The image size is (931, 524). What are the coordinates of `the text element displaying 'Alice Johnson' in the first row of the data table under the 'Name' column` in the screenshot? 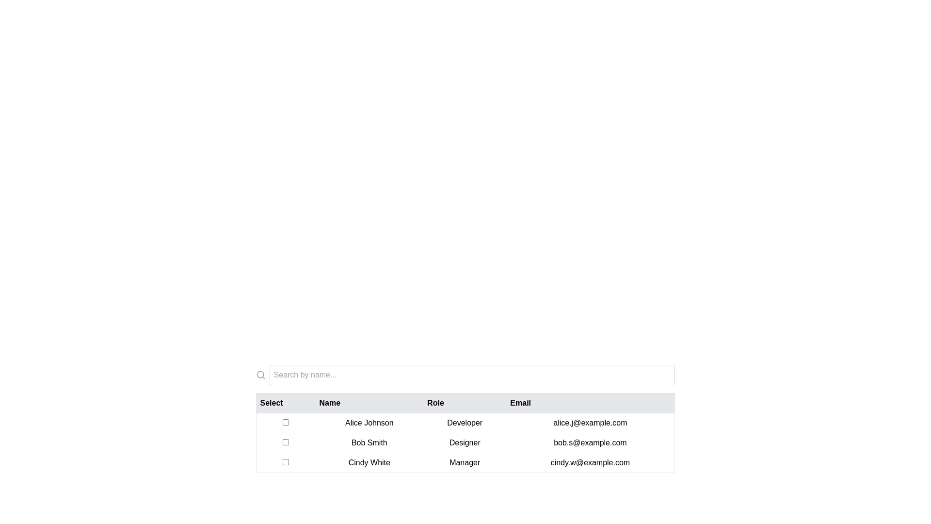 It's located at (369, 422).